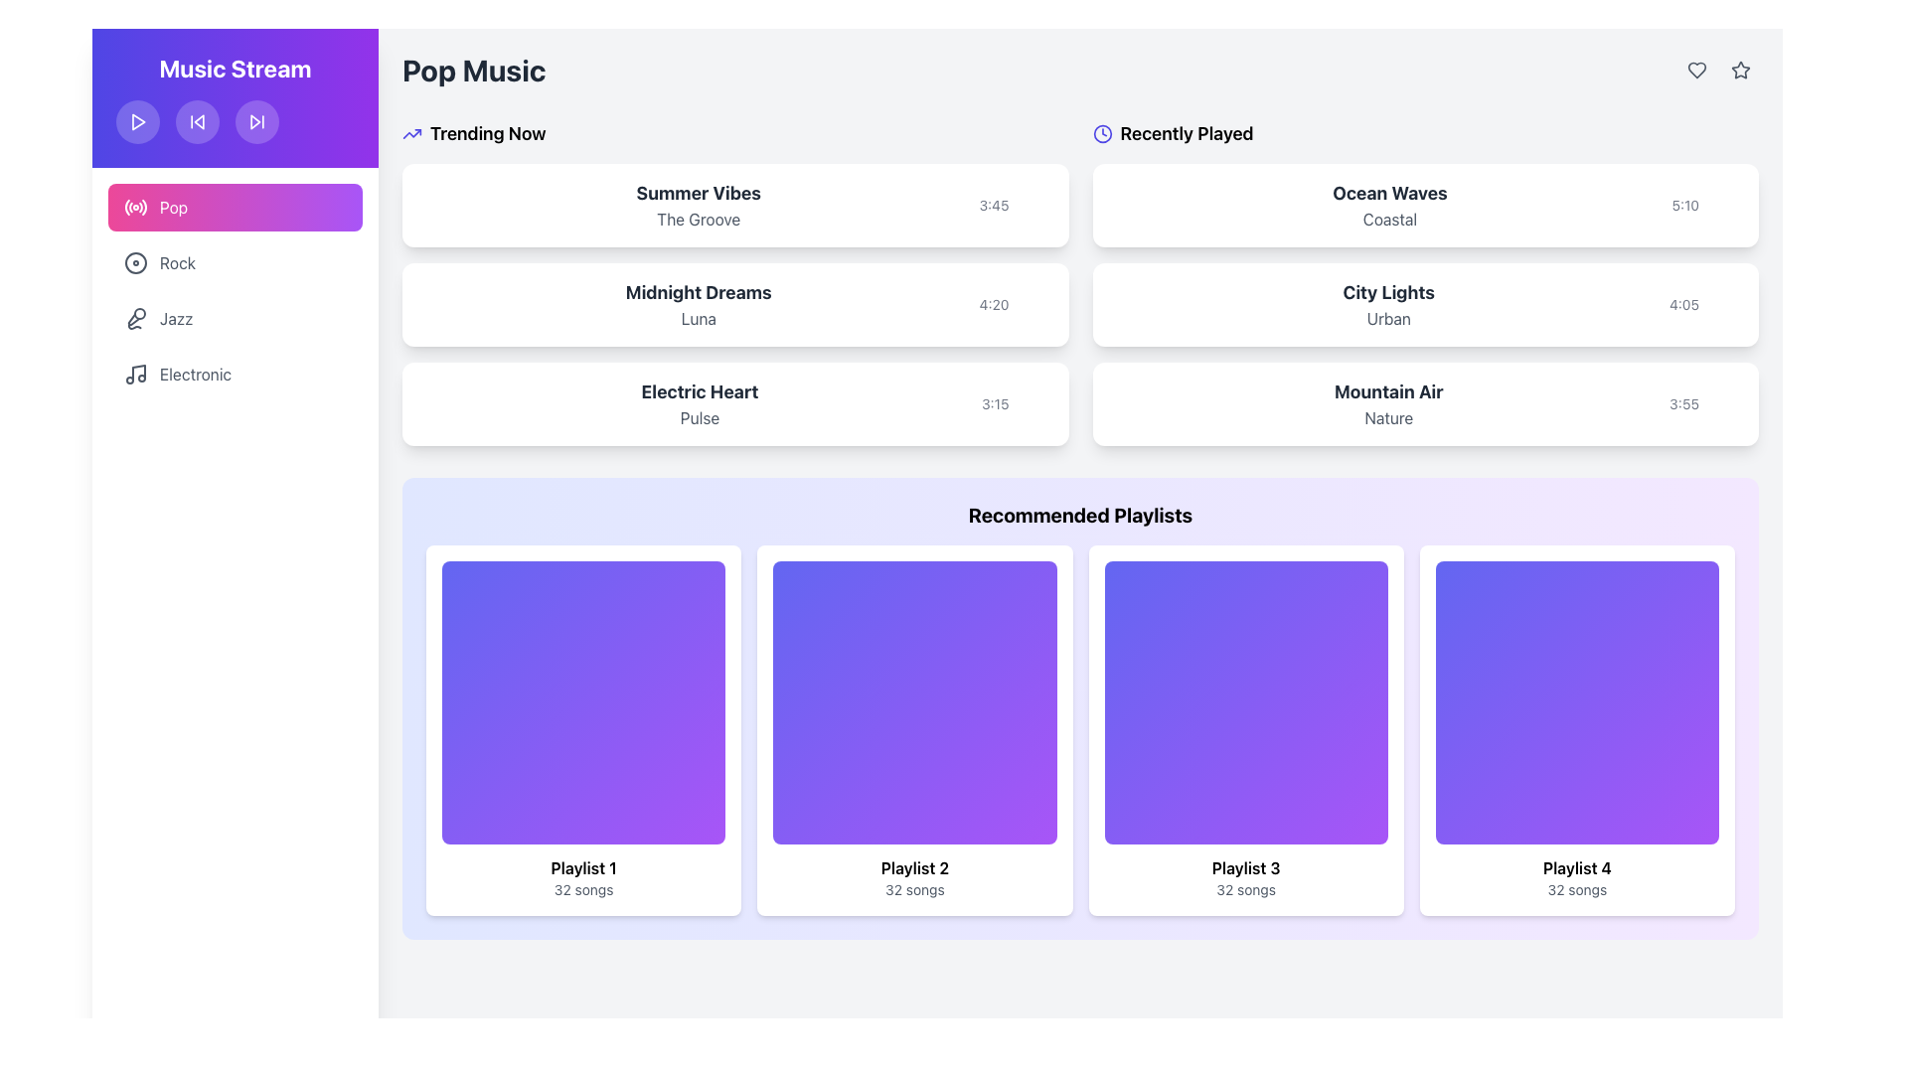  Describe the element at coordinates (699, 194) in the screenshot. I see `the 'Summer Vibes' text label that is bold, large, and gray, positioned above the subtitle 'The Groove' in the 'Trending Now' section` at that location.